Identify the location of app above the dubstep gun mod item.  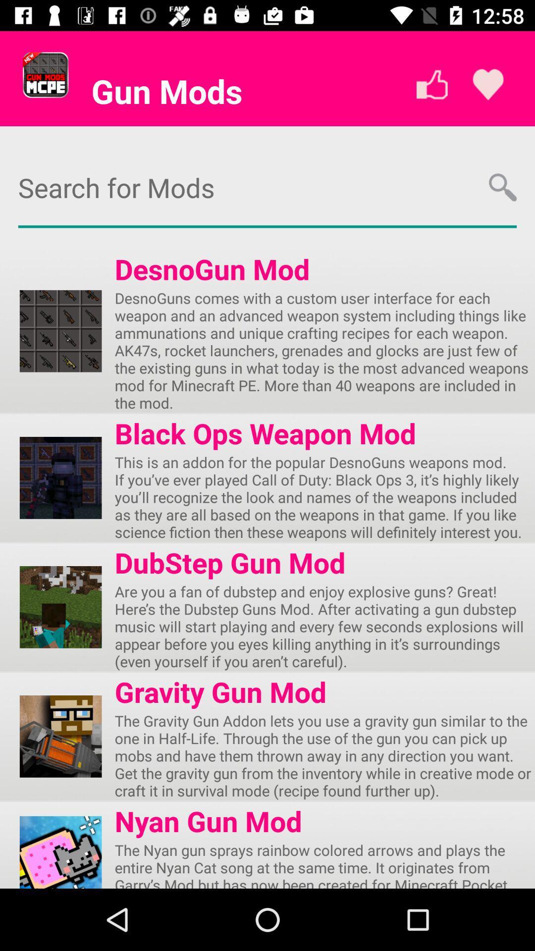
(324, 497).